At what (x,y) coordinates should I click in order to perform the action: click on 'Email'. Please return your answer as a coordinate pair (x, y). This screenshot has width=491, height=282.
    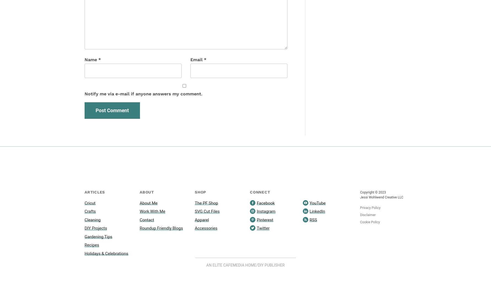
    Looking at the image, I should click on (197, 59).